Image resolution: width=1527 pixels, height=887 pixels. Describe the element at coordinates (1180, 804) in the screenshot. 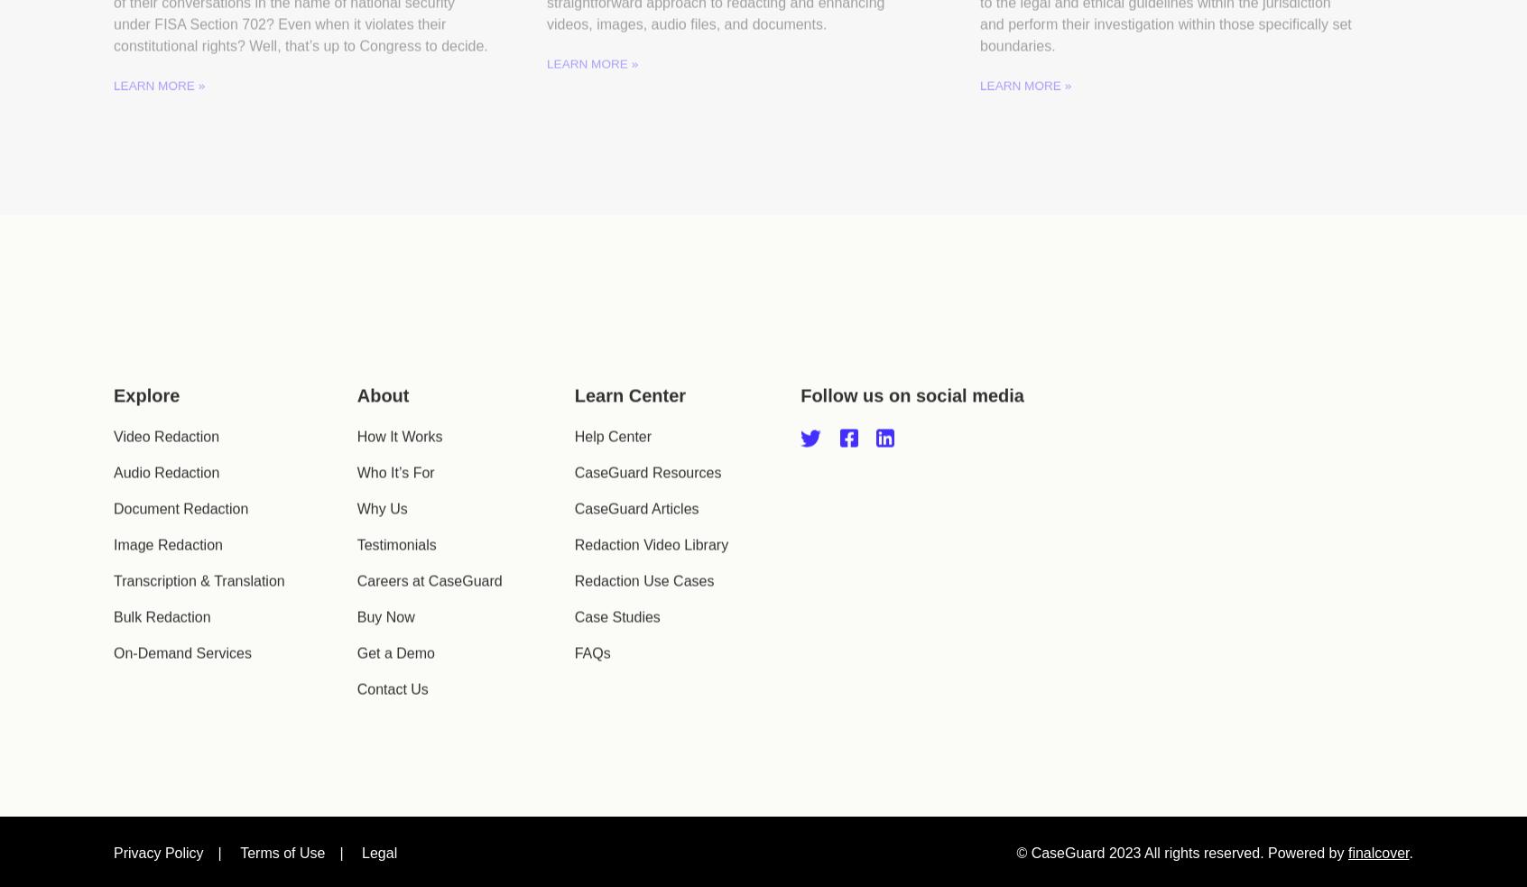

I see `'© CaseGuard 2023 All rights reserved. Powered by'` at that location.